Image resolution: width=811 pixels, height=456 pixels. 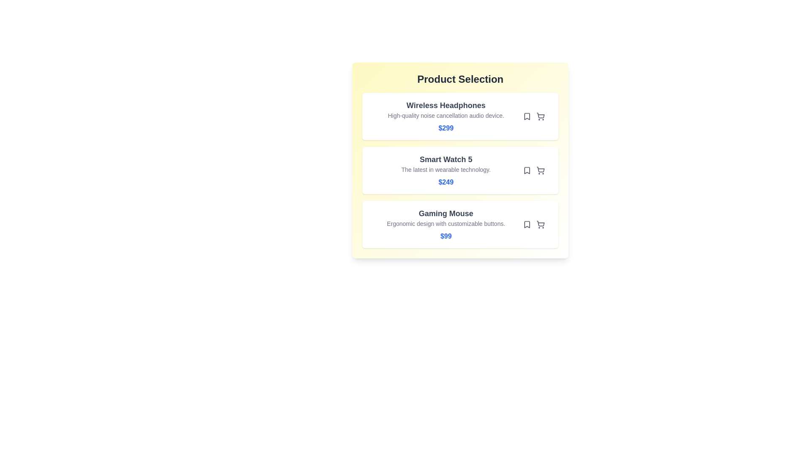 What do you see at coordinates (541, 117) in the screenshot?
I see `the shopping cart icon for the product Wireless Headphones` at bounding box center [541, 117].